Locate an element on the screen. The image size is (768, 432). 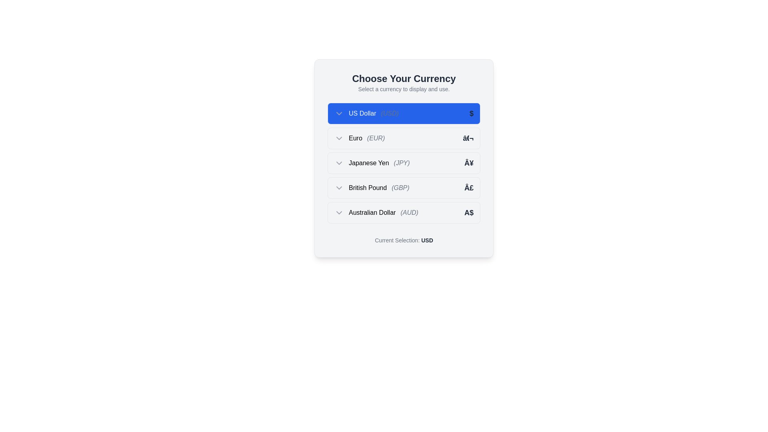
text label displaying the currency name 'Euro', which is the third element in the currency selection group within the dropdown menu is located at coordinates (355, 138).